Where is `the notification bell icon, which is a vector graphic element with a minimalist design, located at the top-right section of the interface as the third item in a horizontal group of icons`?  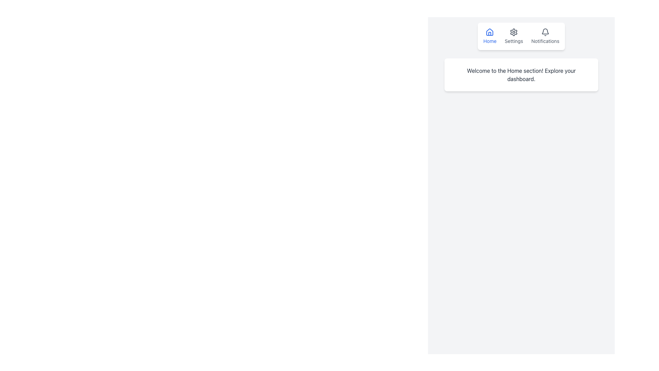 the notification bell icon, which is a vector graphic element with a minimalist design, located at the top-right section of the interface as the third item in a horizontal group of icons is located at coordinates (545, 31).